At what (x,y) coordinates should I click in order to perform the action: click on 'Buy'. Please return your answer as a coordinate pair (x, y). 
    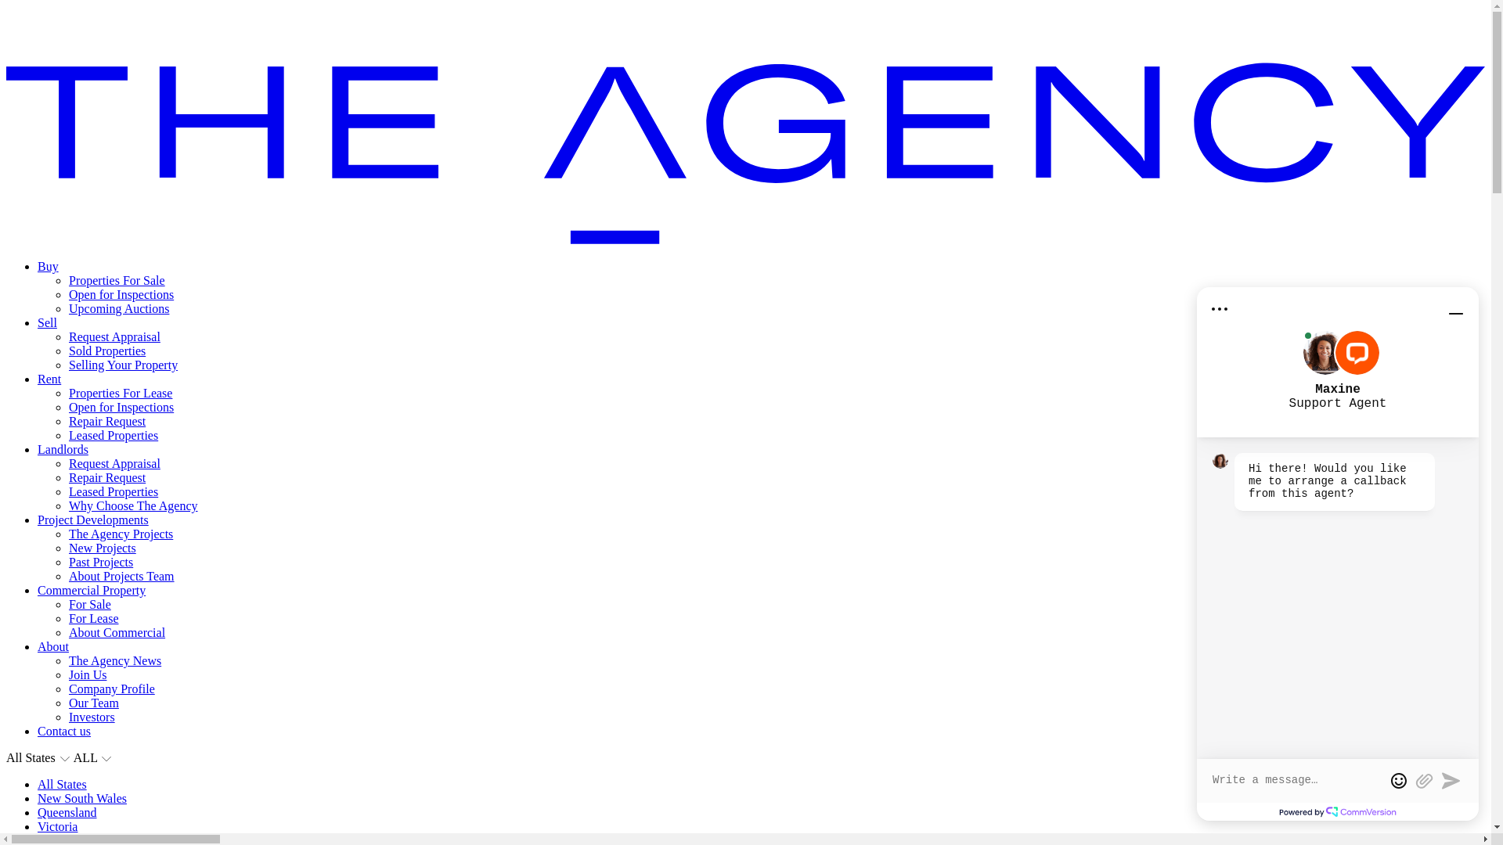
    Looking at the image, I should click on (48, 265).